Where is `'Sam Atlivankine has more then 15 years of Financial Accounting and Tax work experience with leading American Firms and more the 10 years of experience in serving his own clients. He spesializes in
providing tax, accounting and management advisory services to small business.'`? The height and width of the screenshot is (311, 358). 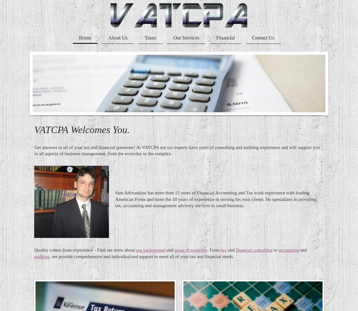
'Sam Atlivankine has more then 15 years of Financial Accounting and Tax work experience with leading American Firms and more the 10 years of experience in serving his own clients. He spesializes in
providing tax, accounting and management advisory services to small business.' is located at coordinates (115, 199).